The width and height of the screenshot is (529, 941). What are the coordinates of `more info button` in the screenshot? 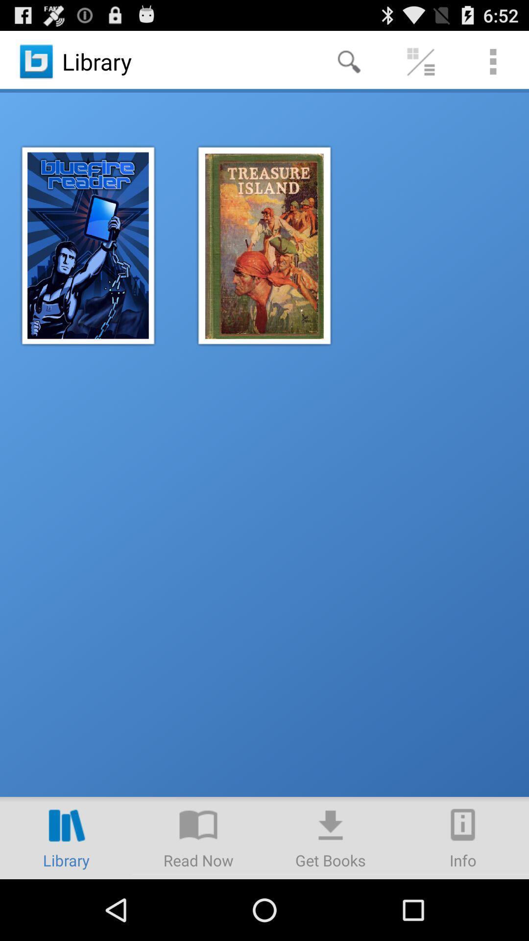 It's located at (463, 837).